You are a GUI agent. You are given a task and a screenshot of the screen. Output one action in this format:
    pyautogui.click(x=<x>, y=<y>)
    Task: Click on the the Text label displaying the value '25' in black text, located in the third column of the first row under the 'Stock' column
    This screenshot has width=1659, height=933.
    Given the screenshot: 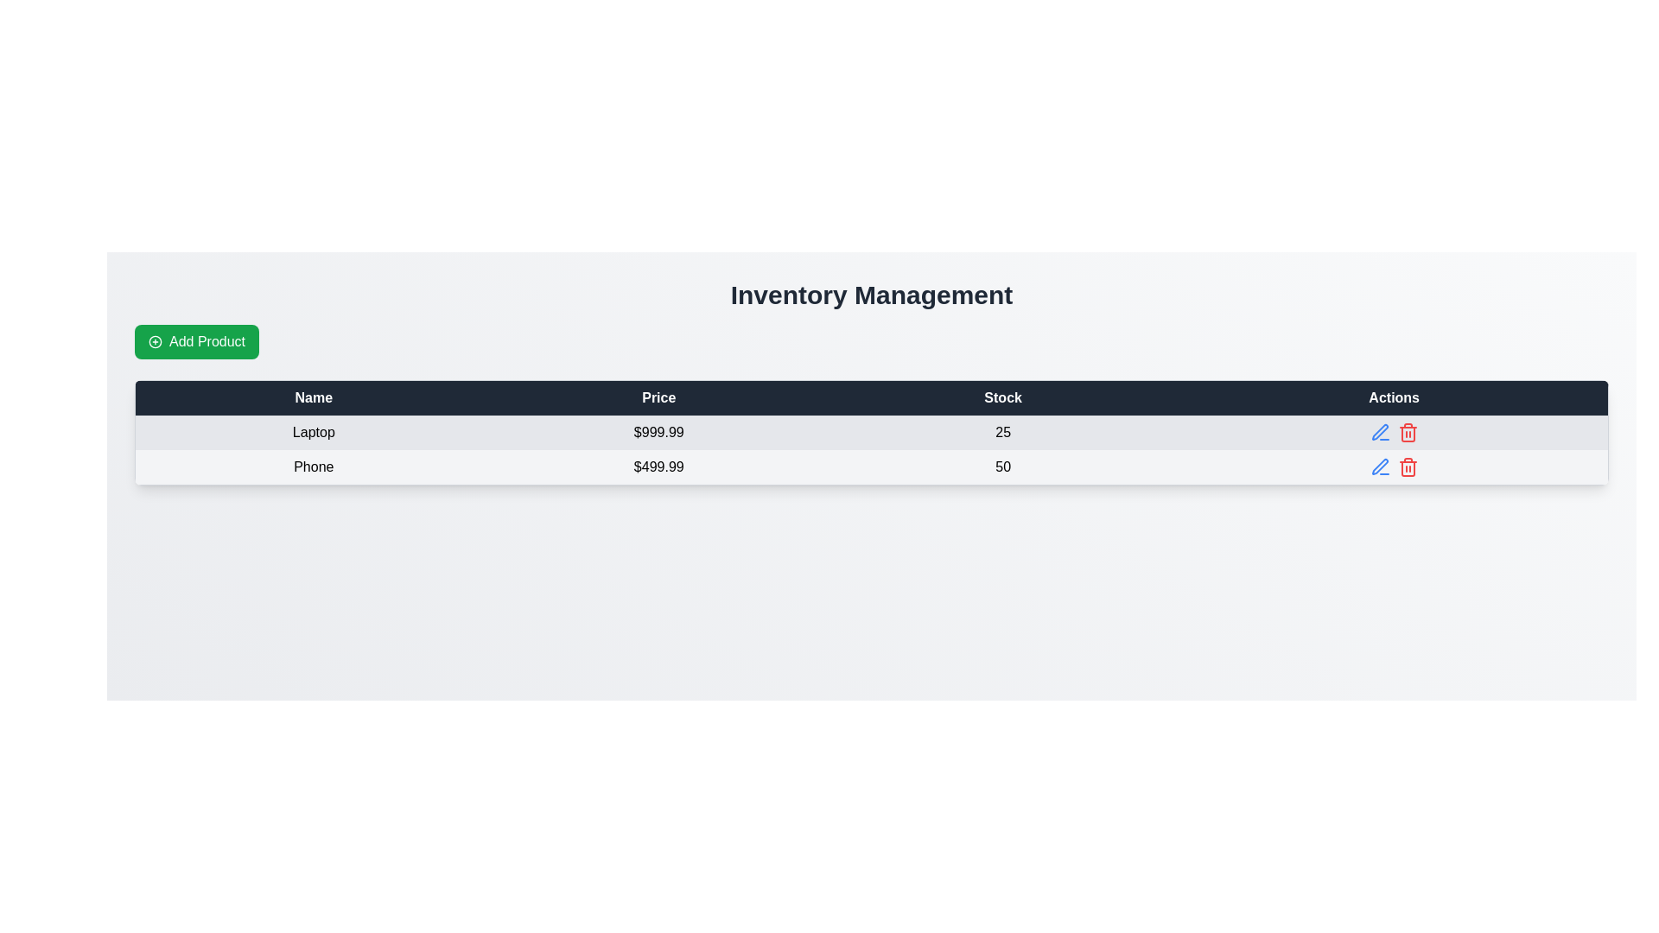 What is the action you would take?
    pyautogui.click(x=1003, y=432)
    